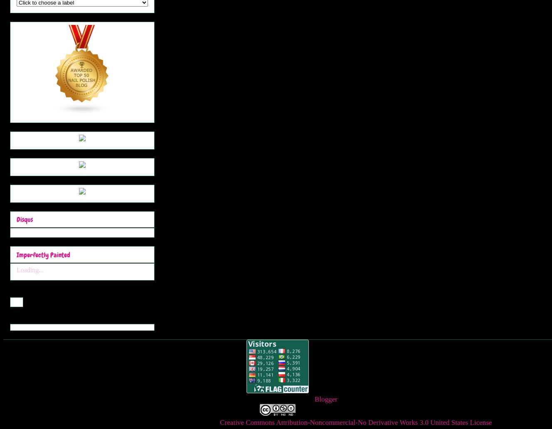  I want to click on 'Blogger', so click(325, 398).